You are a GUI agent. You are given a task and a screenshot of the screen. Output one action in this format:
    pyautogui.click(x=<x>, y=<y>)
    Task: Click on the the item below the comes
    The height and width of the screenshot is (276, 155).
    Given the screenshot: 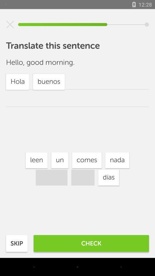 What is the action you would take?
    pyautogui.click(x=108, y=177)
    